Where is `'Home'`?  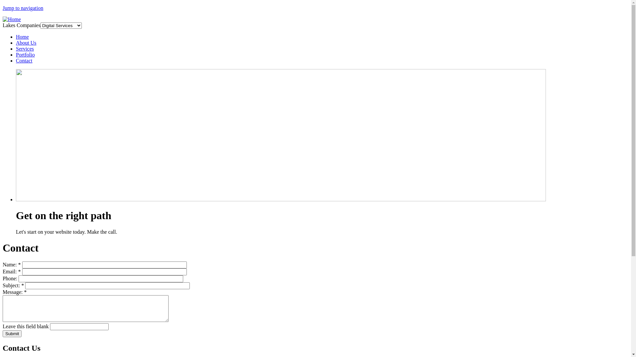
'Home' is located at coordinates (12, 19).